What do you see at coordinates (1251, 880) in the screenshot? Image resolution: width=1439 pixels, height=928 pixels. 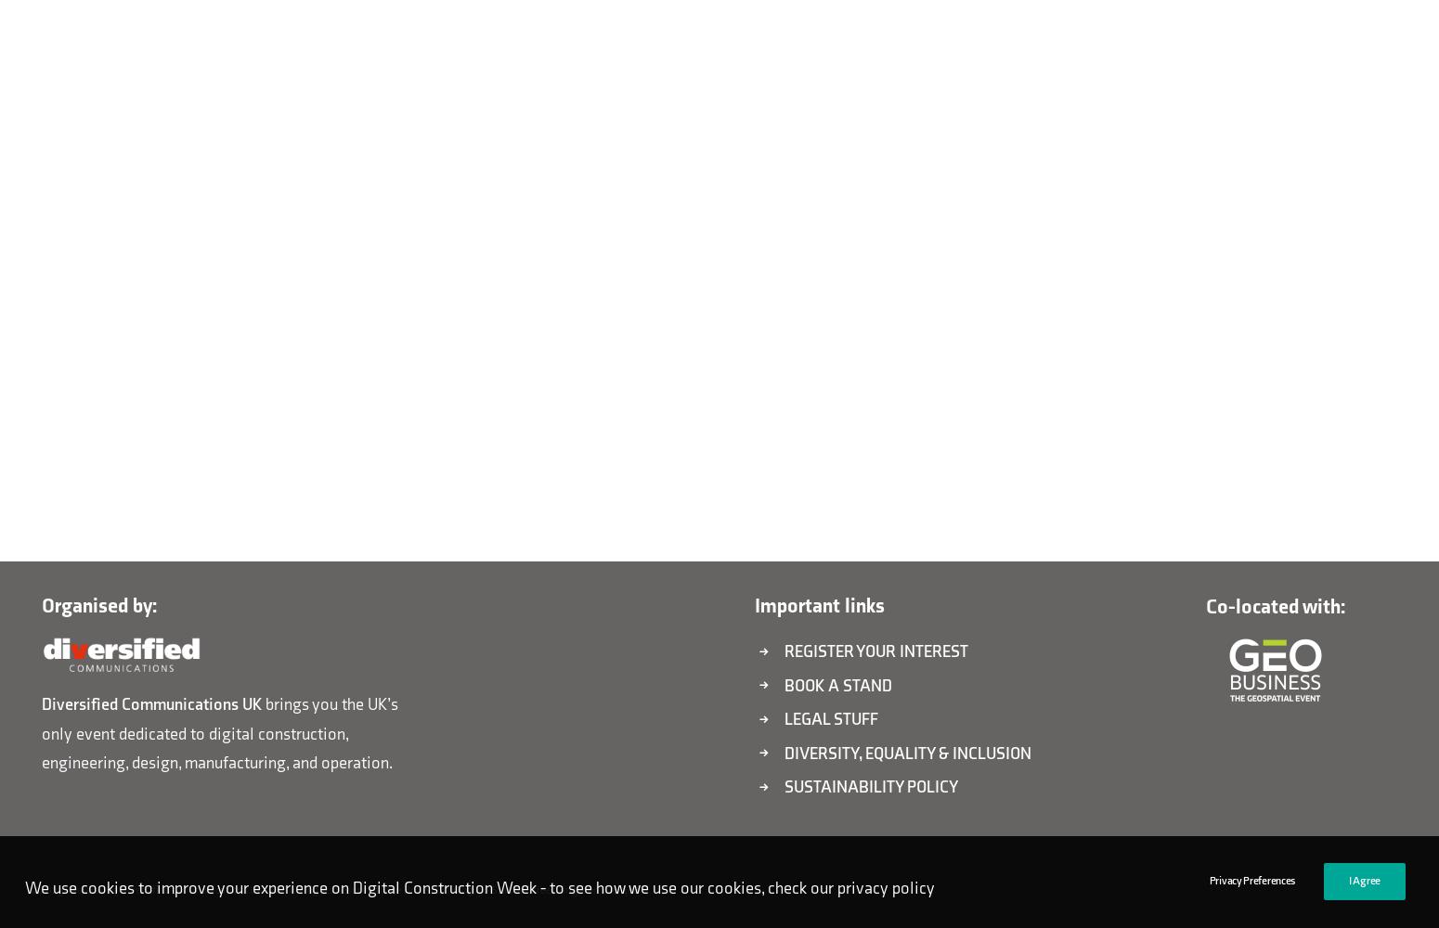 I see `'Privacy Preferences'` at bounding box center [1251, 880].